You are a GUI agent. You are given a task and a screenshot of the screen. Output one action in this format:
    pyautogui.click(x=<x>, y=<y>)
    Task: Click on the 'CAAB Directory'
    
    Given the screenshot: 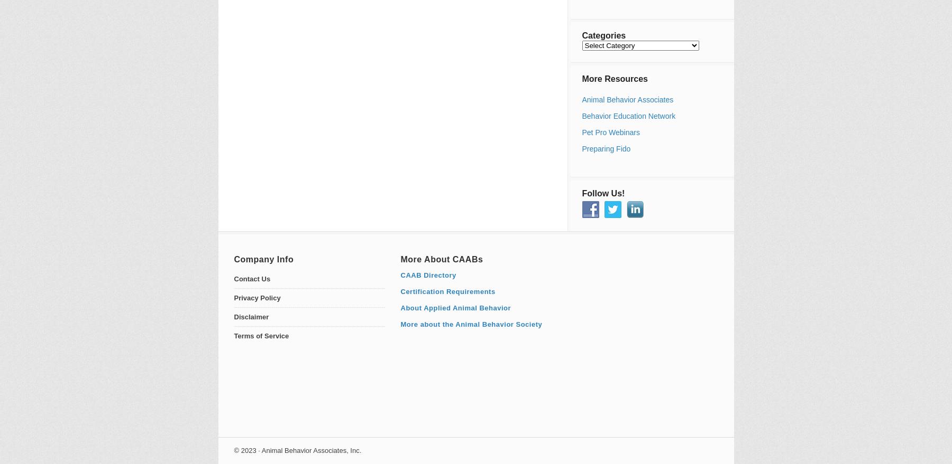 What is the action you would take?
    pyautogui.click(x=428, y=275)
    